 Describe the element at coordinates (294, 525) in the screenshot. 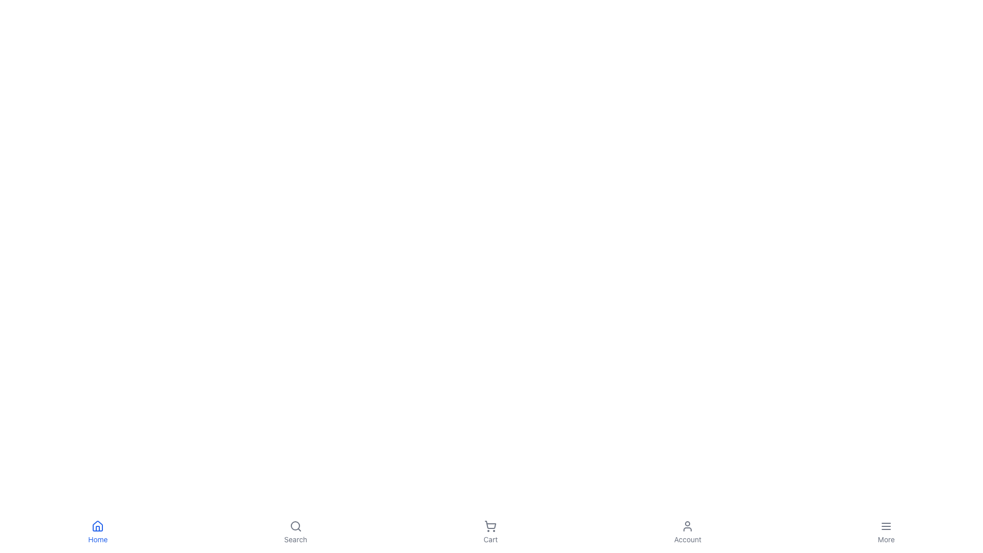

I see `the Decorative Icon Component, which is a small circular shape with a thin outline located in the center of the search icon in the bottom navigation bar` at that location.